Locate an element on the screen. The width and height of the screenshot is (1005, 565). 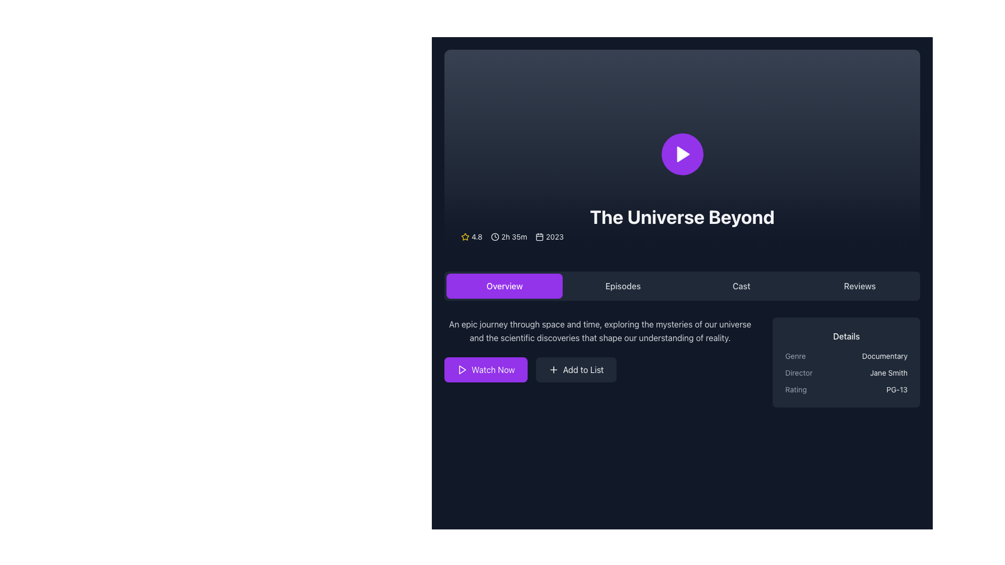
the 'Add to List' icon located to the left of the text label within the button in the bottom-right section of the content area is located at coordinates (553, 369).